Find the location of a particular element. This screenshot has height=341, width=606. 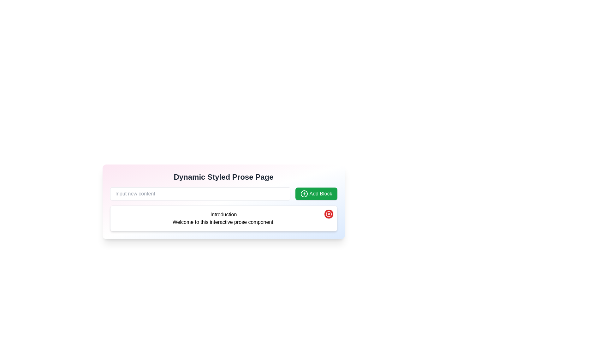

the static text element displaying 'Dynamic Styled Prose Page', which is prominently styled as a headline at the top of its section is located at coordinates (223, 177).